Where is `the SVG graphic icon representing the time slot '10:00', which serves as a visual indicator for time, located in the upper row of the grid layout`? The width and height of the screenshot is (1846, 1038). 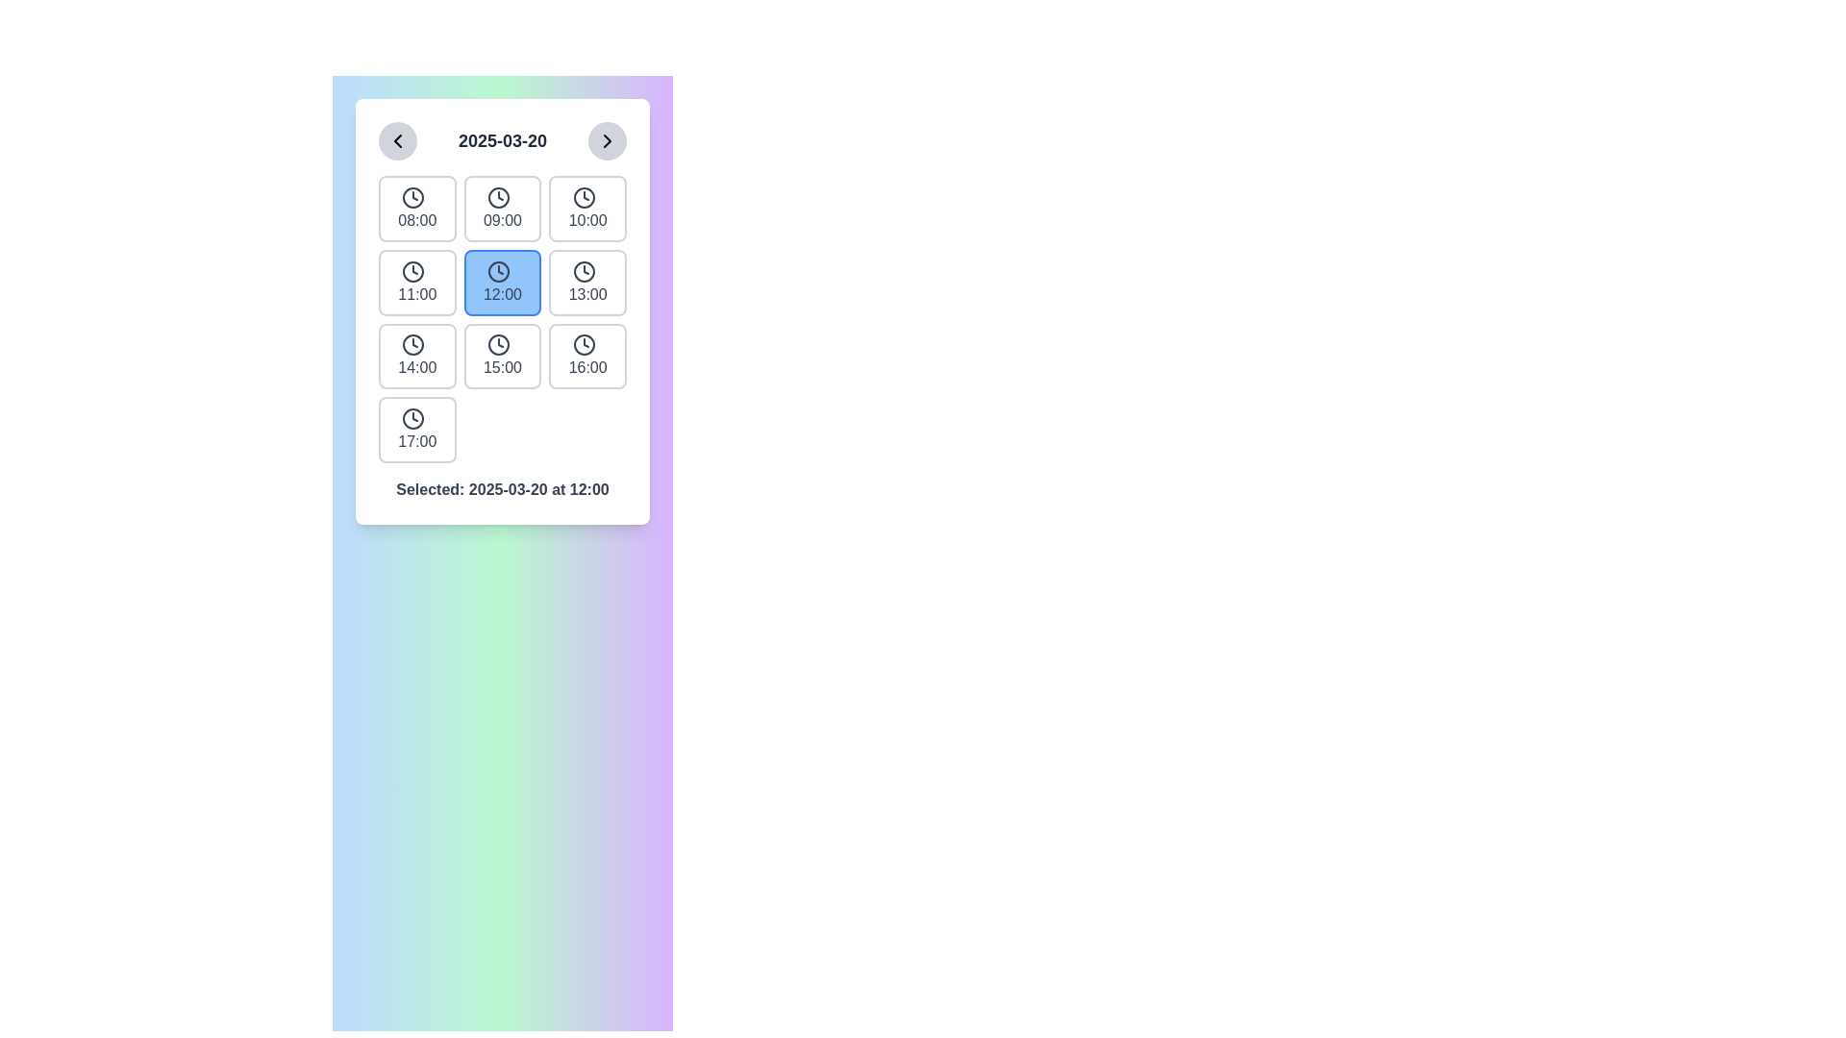
the SVG graphic icon representing the time slot '10:00', which serves as a visual indicator for time, located in the upper row of the grid layout is located at coordinates (583, 197).